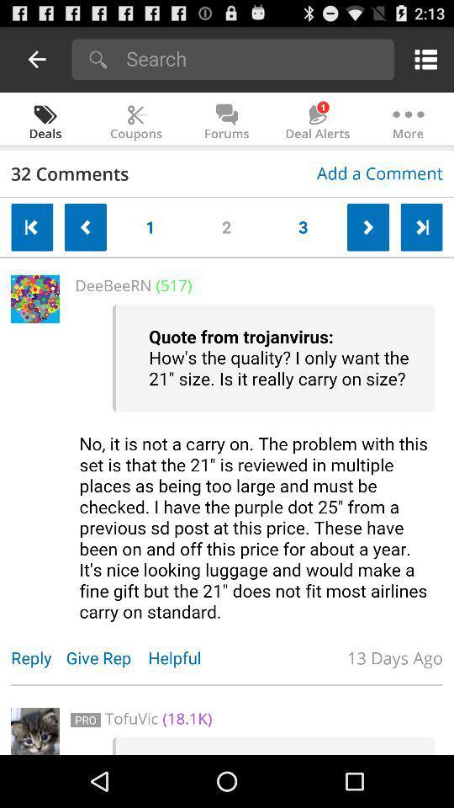 This screenshot has height=808, width=454. I want to click on the icon to the right of 1 icon, so click(226, 223).